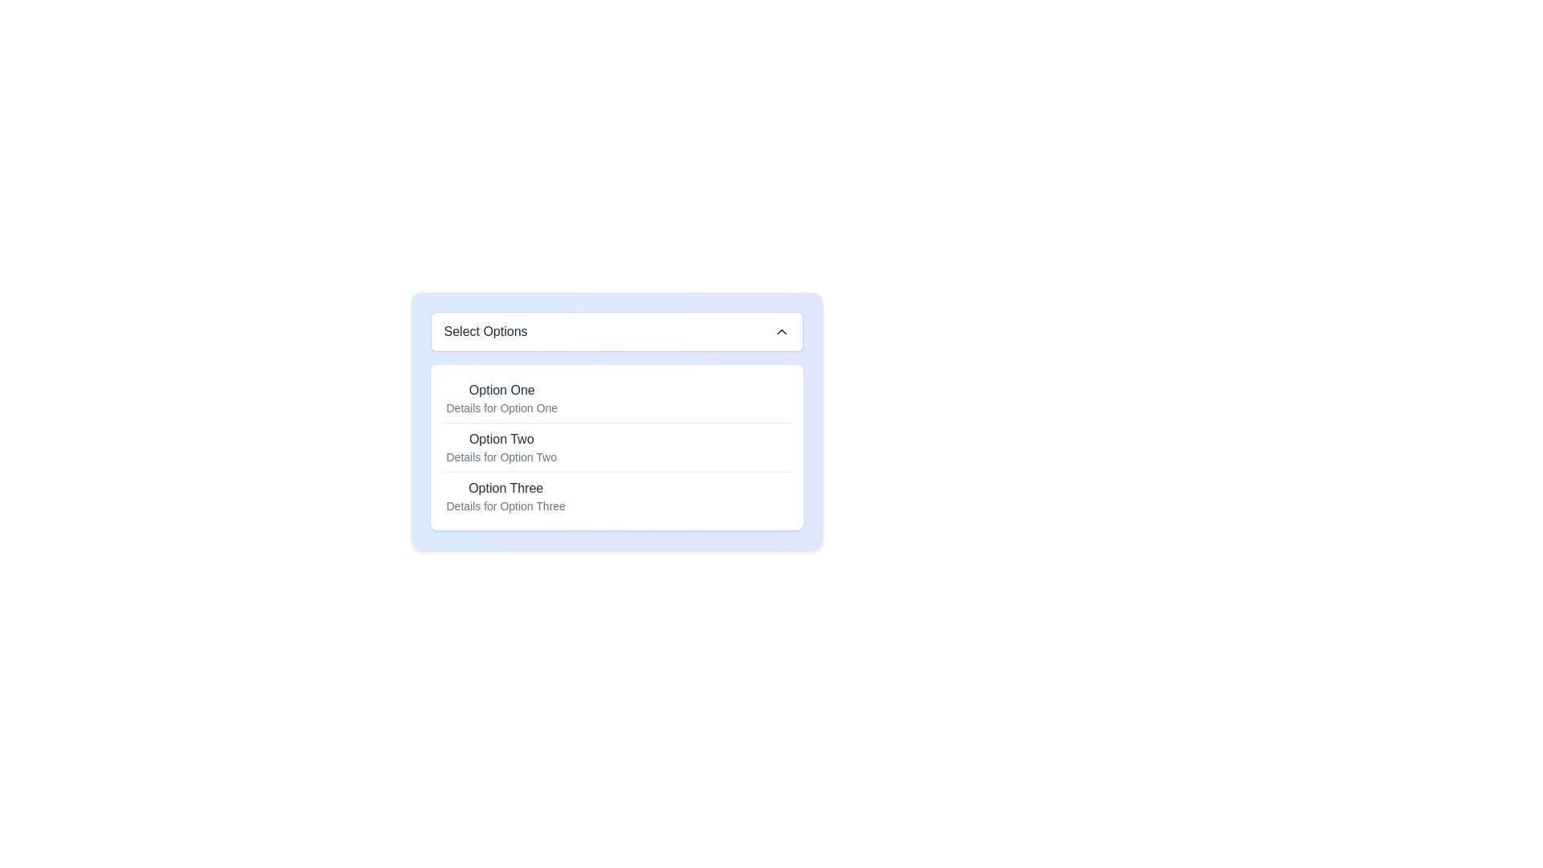 The width and height of the screenshot is (1543, 868). I want to click on the descriptive text for 'Option Three' in the dropdown menu under 'Select Options', so click(505, 505).